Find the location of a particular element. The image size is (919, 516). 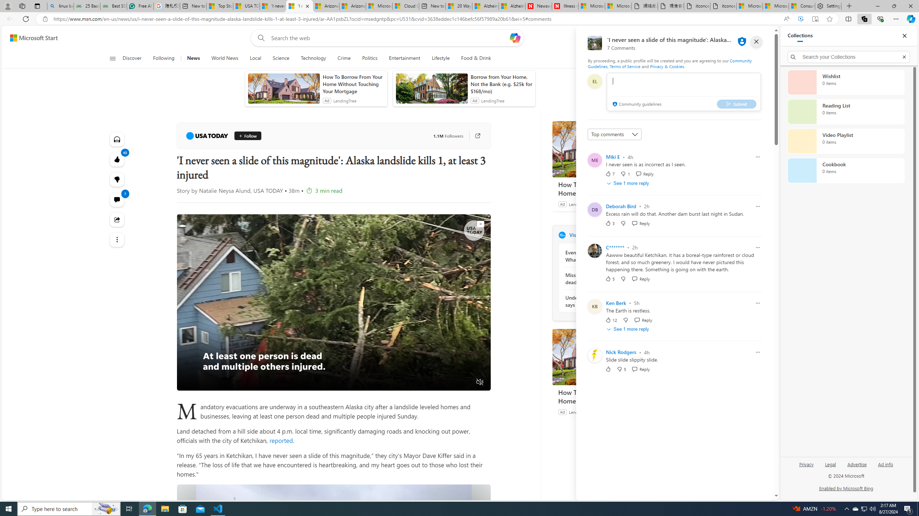

'12 Like' is located at coordinates (611, 320).